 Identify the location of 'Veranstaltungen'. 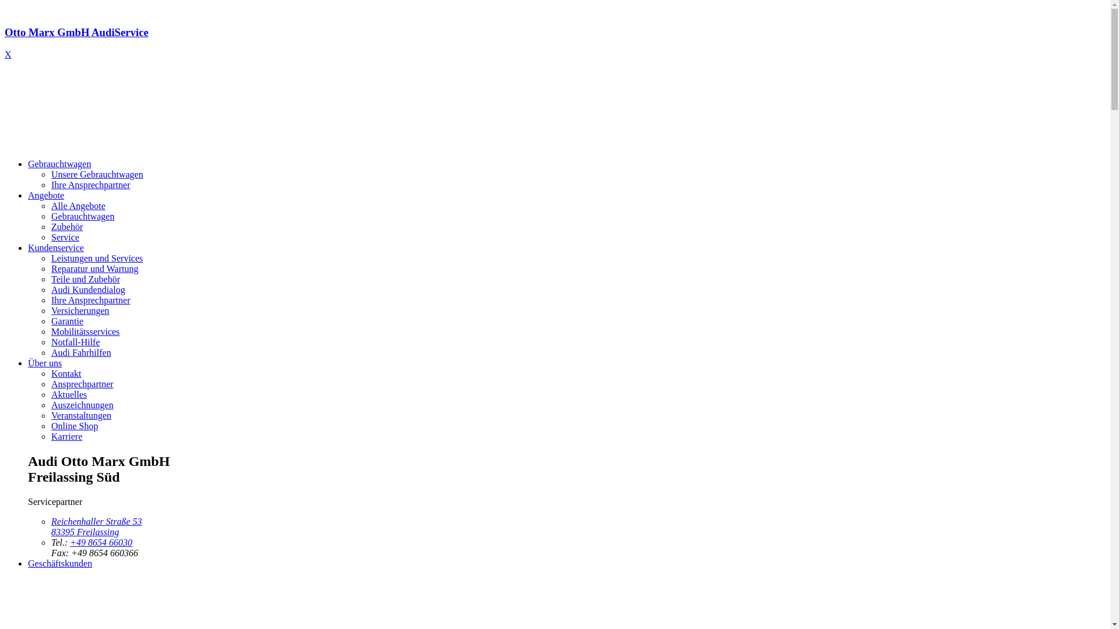
(80, 415).